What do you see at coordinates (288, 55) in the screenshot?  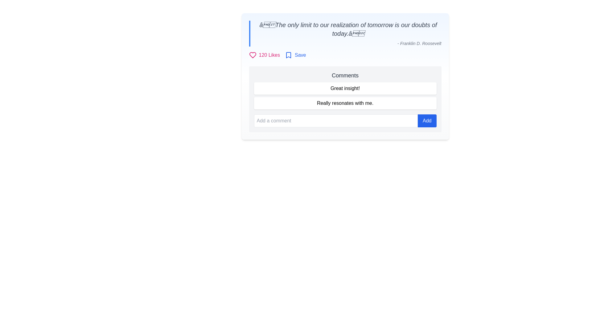 I see `the Vectorized icon located directly to the right of the '120 Likes' label and the heart icon` at bounding box center [288, 55].